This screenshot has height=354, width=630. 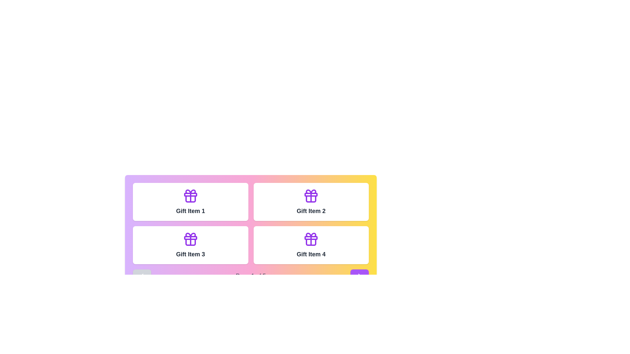 I want to click on the stylized bow decorative element of the gift icon, which is located in the lower left position of the third card in a grid layout, above the 'Gift Item 3' label, so click(x=190, y=235).